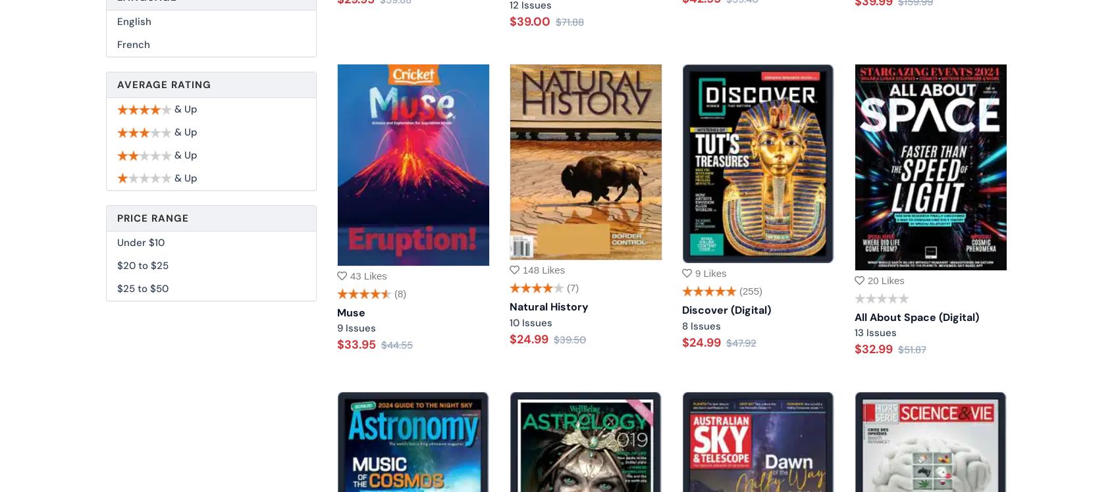 The width and height of the screenshot is (1114, 492). I want to click on 'Muse', so click(351, 312).